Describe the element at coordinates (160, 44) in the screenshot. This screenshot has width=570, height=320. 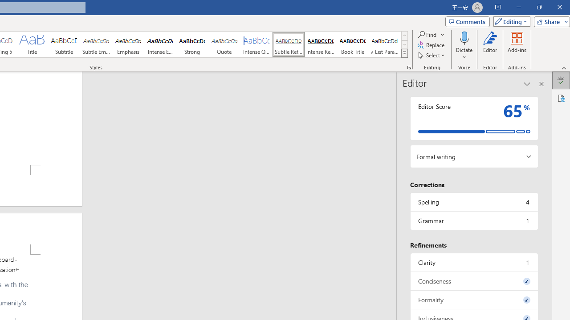
I see `'Intense Emphasis'` at that location.